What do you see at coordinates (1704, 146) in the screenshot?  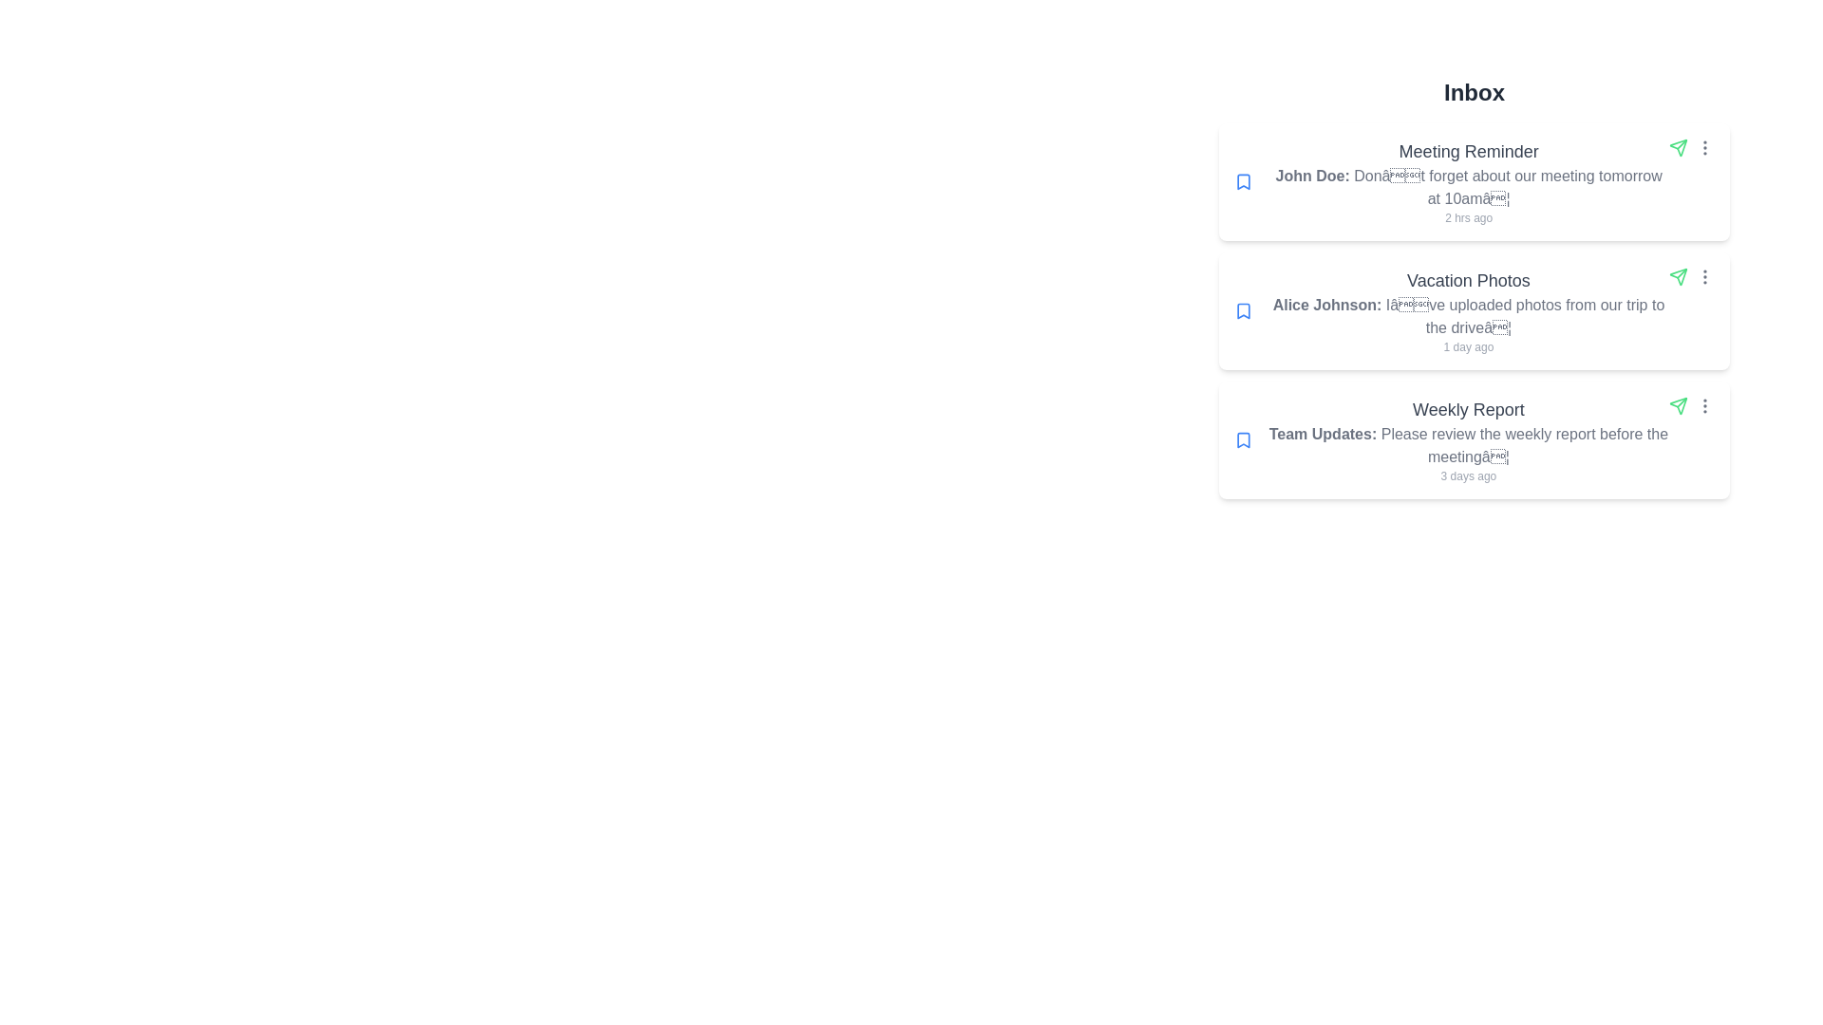 I see `the options icon of the first message to reveal more actions` at bounding box center [1704, 146].